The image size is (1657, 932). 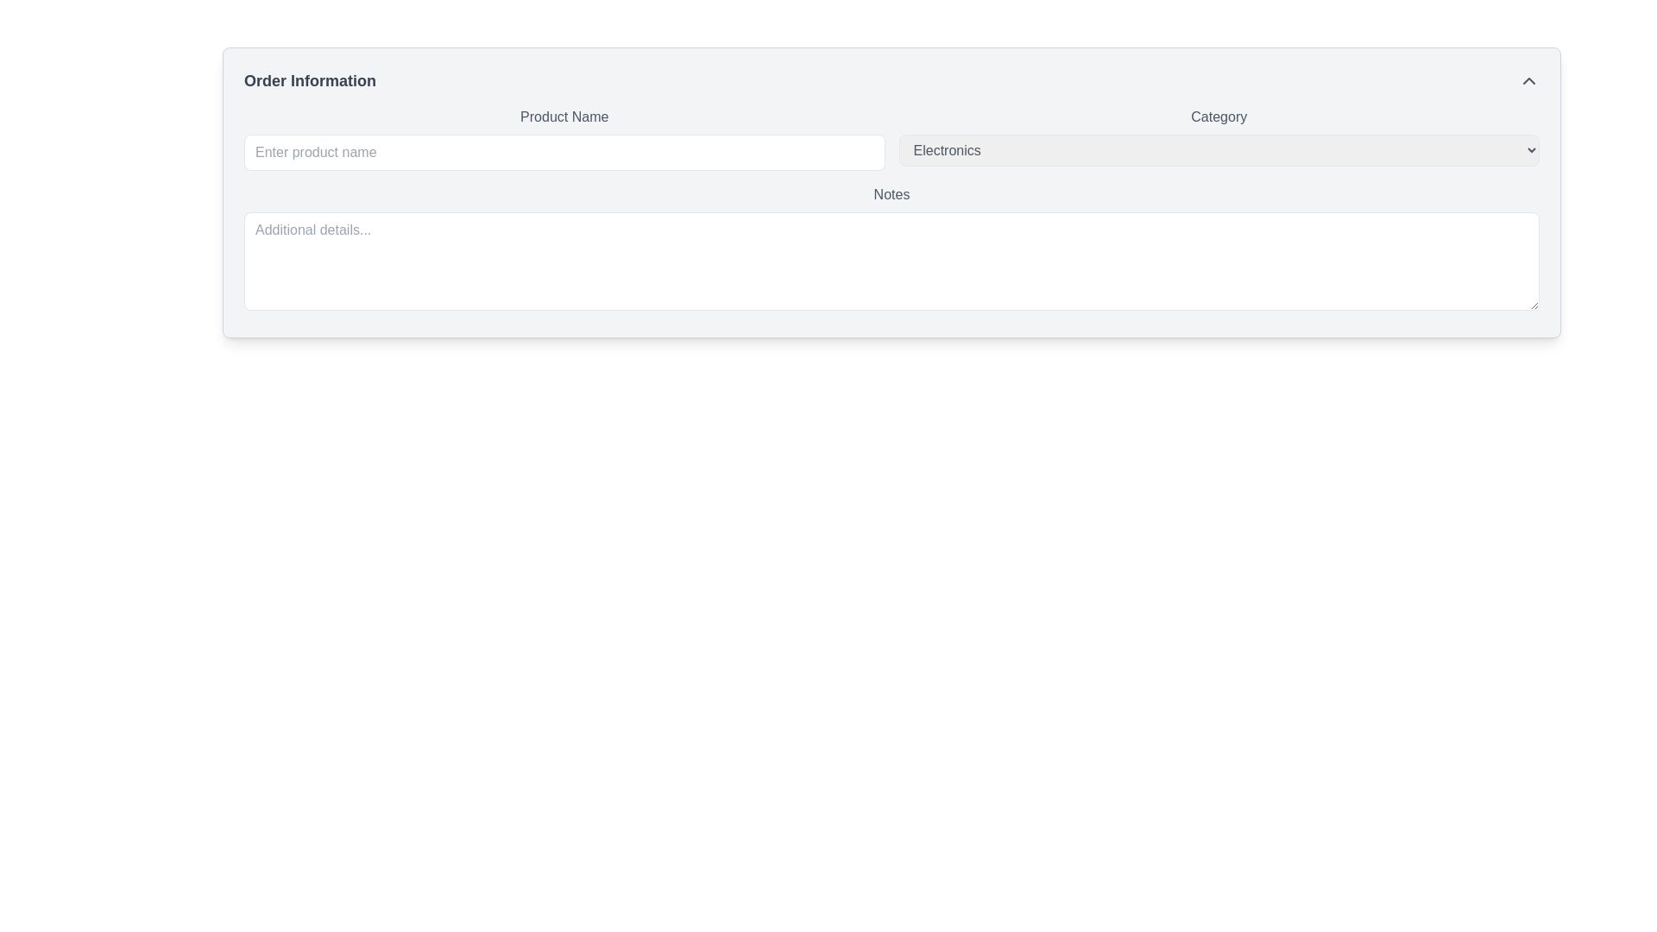 I want to click on the label that guides users for the text area input field, located at the upper-center of the interface, so click(x=892, y=194).